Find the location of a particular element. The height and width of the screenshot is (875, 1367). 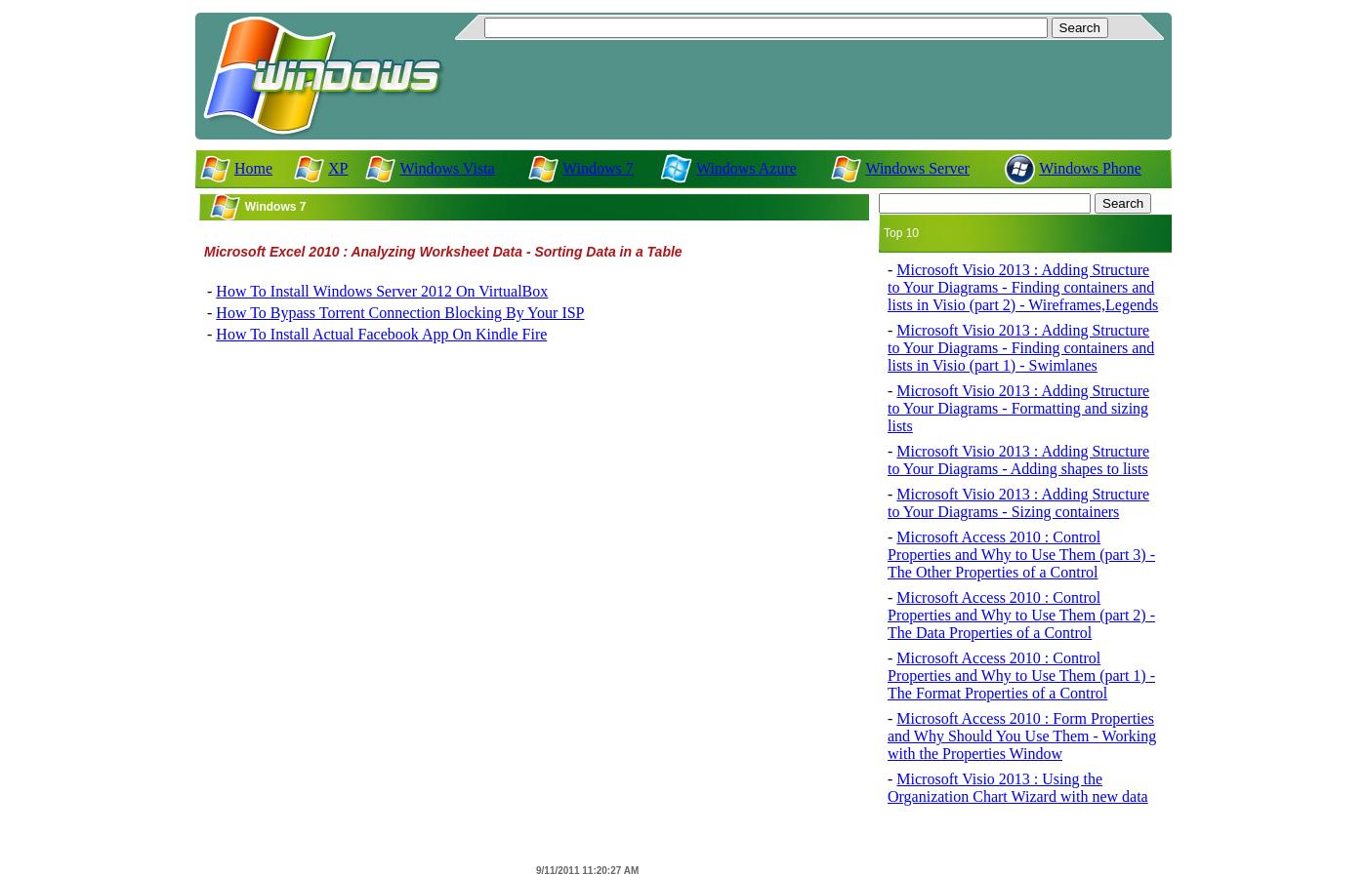

'How To Bypass Torrent Connection Blocking By Your ISP' is located at coordinates (399, 310).